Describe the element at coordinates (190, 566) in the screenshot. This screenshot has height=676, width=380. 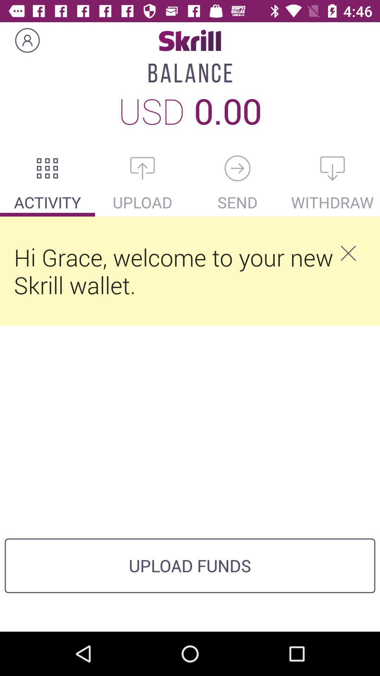
I see `upload funds` at that location.